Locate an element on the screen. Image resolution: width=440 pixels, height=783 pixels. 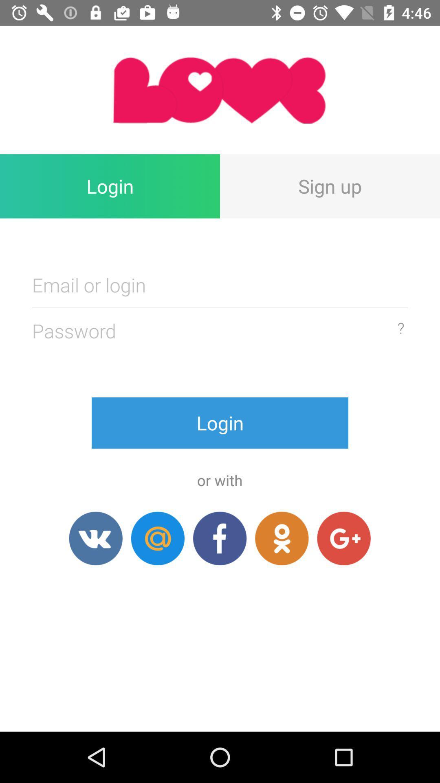
login password is located at coordinates (220, 285).